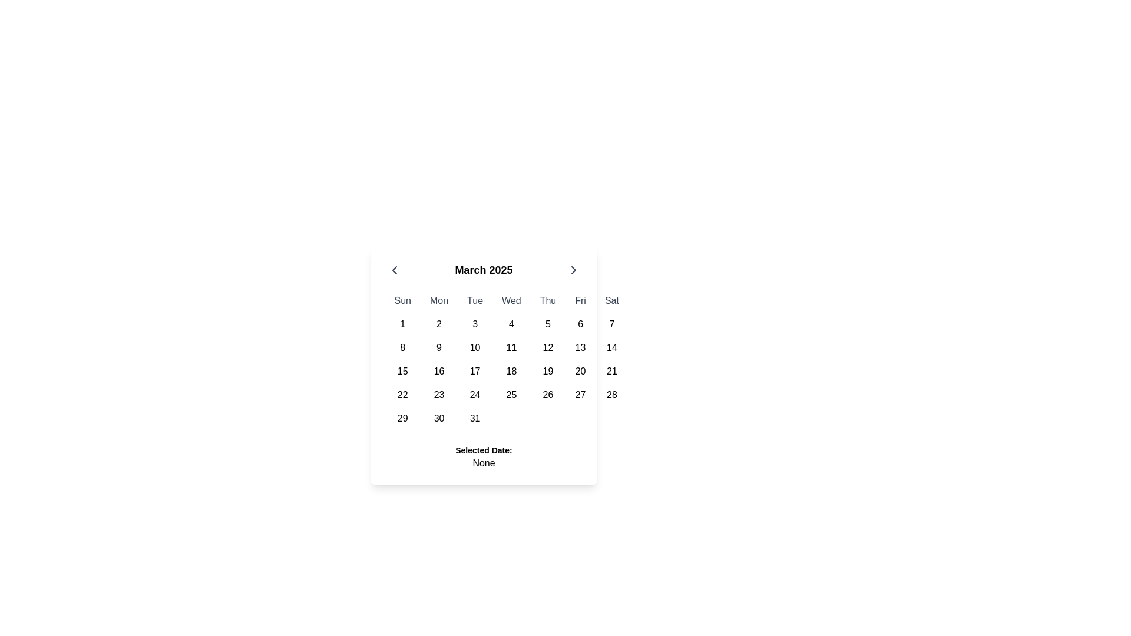 Image resolution: width=1131 pixels, height=636 pixels. I want to click on the rectangular button labeled '29' with bold black text, located in the bottom row of the calendar grid, so click(402, 418).